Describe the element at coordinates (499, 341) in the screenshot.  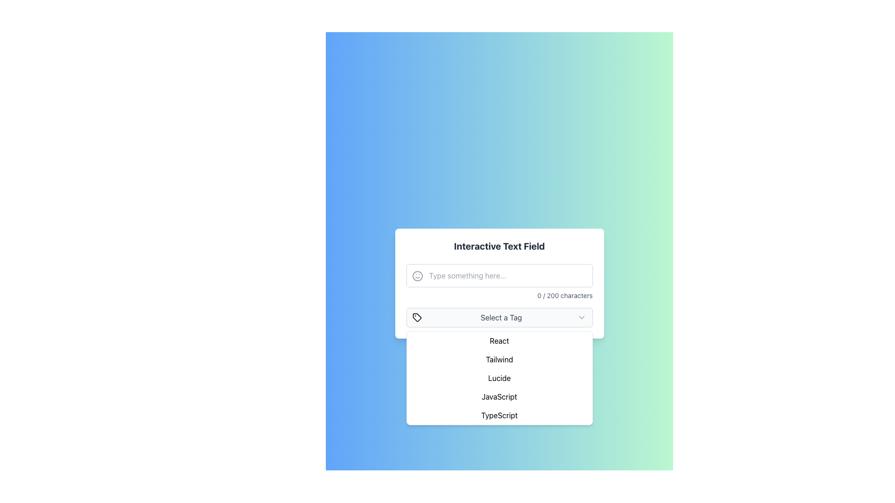
I see `on the first dropdown option labeled 'React'` at that location.